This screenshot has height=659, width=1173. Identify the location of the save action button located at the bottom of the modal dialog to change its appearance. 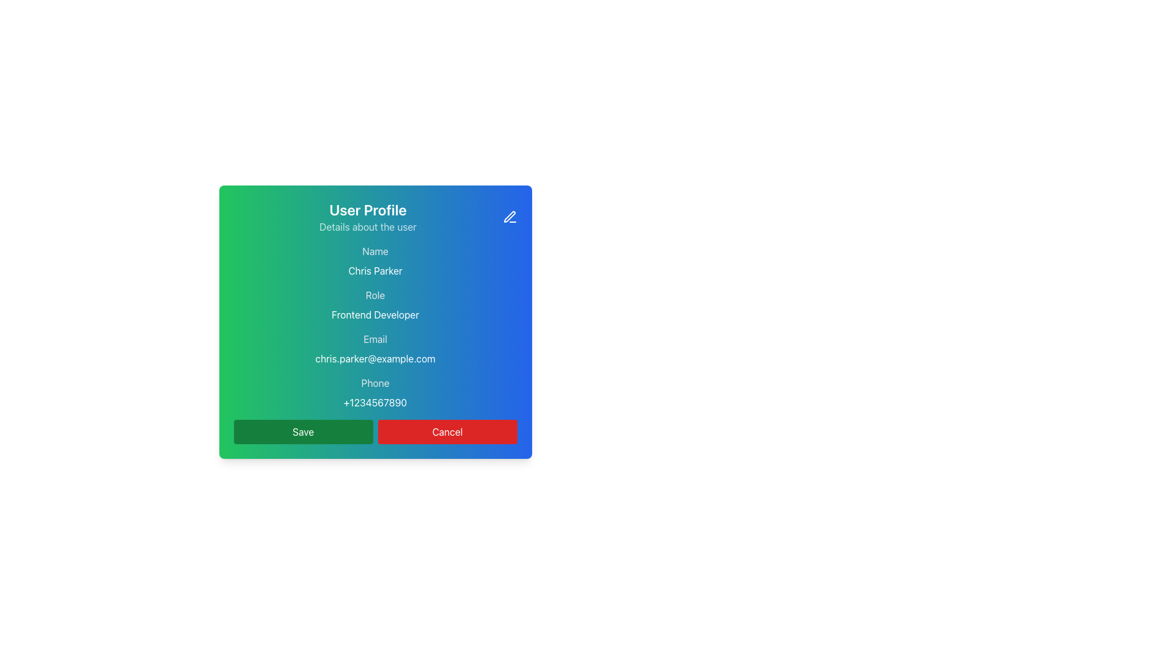
(303, 431).